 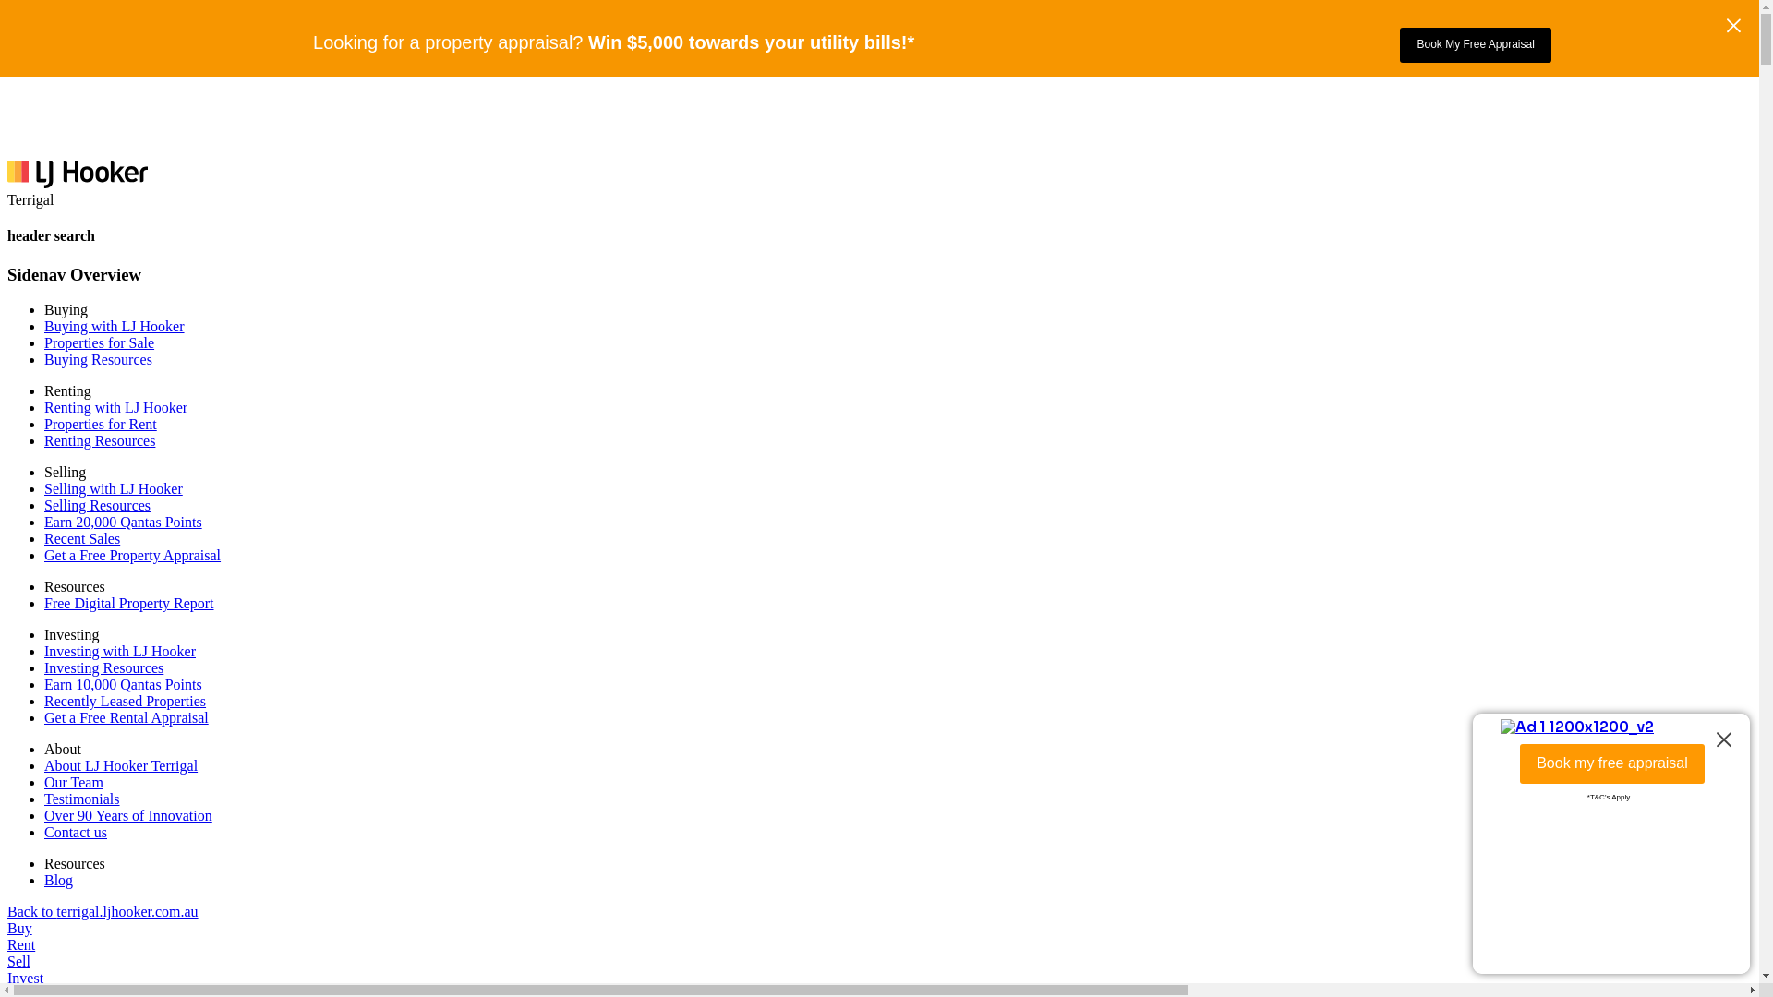 I want to click on 'Get a Free Property Appraisal', so click(x=131, y=554).